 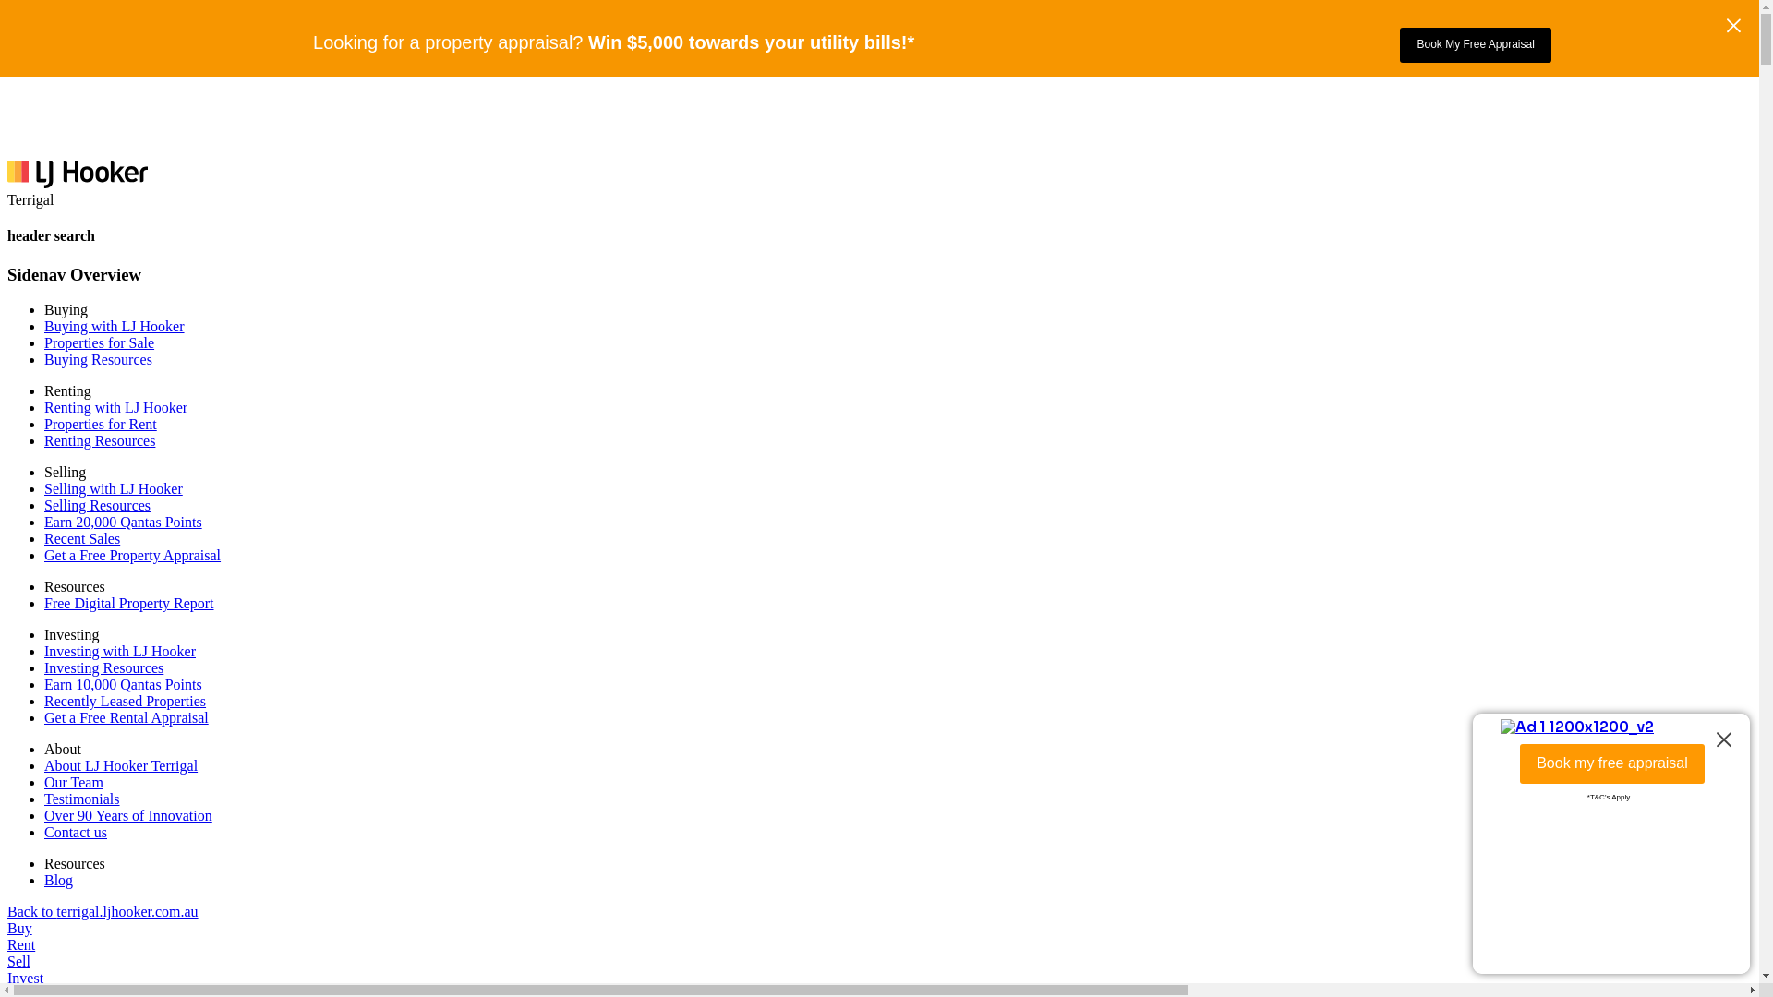 I want to click on 'Get a Free Property Appraisal', so click(x=131, y=554).